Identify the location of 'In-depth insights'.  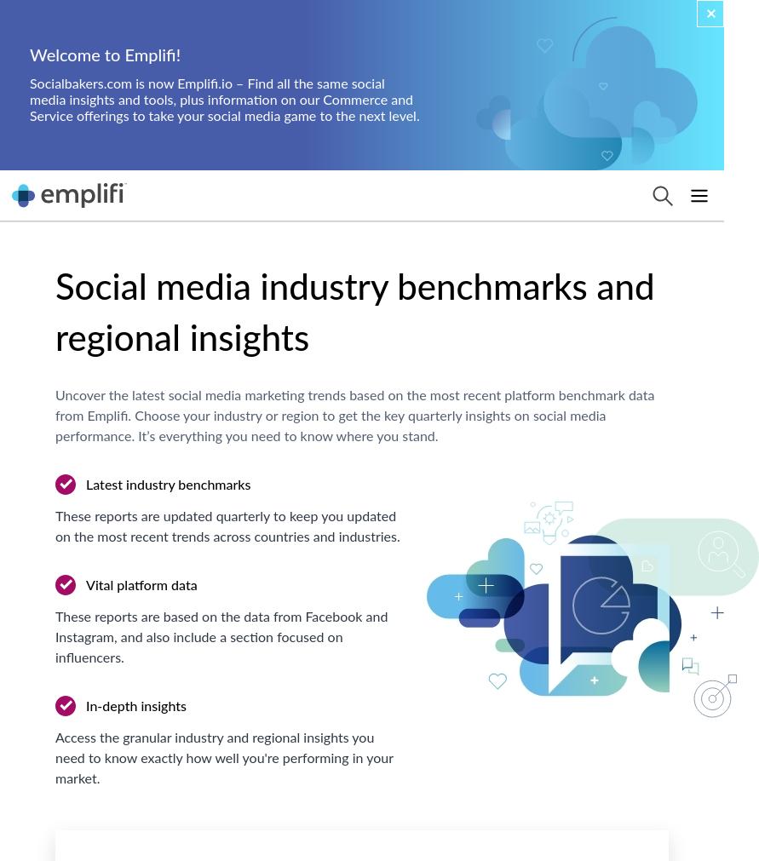
(135, 706).